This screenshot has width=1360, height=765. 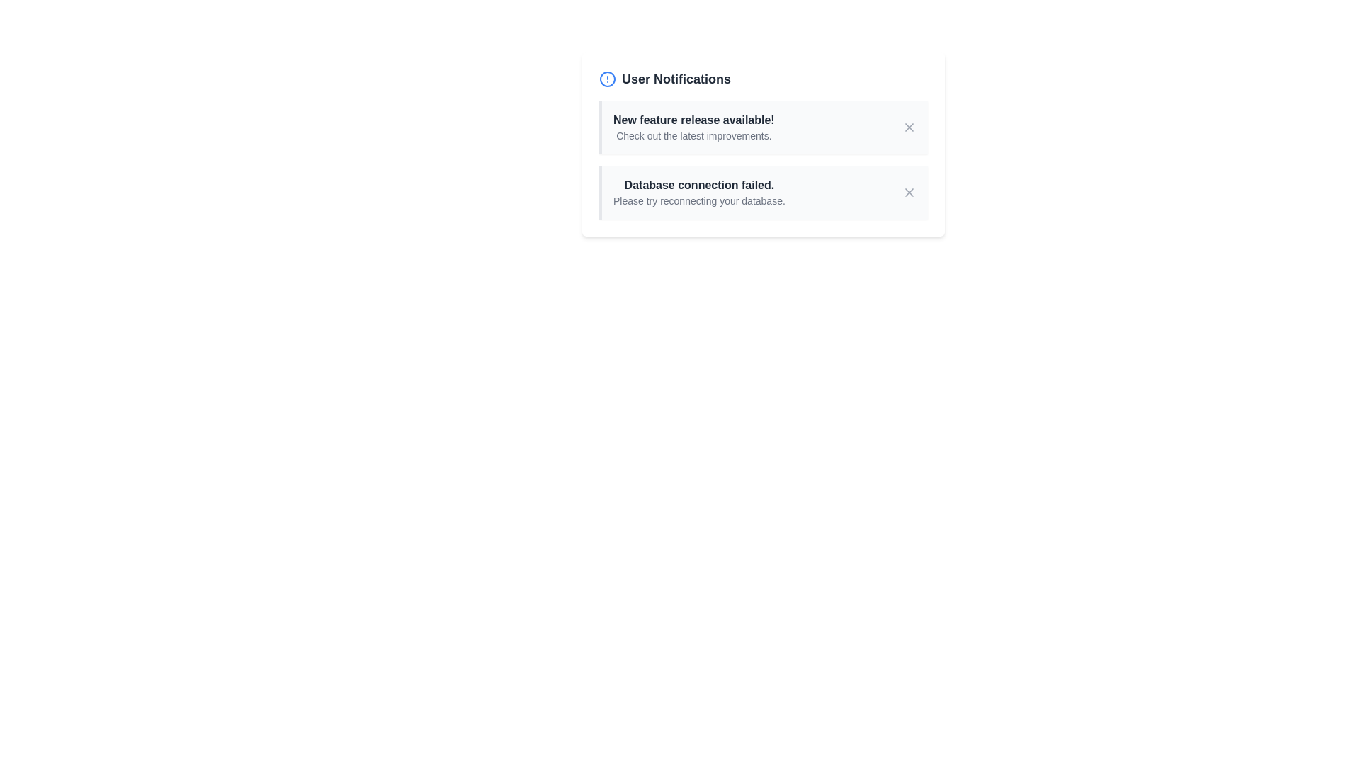 I want to click on the guidance text located beneath the 'Database connection failed.' heading in the User Notifications section, so click(x=699, y=201).